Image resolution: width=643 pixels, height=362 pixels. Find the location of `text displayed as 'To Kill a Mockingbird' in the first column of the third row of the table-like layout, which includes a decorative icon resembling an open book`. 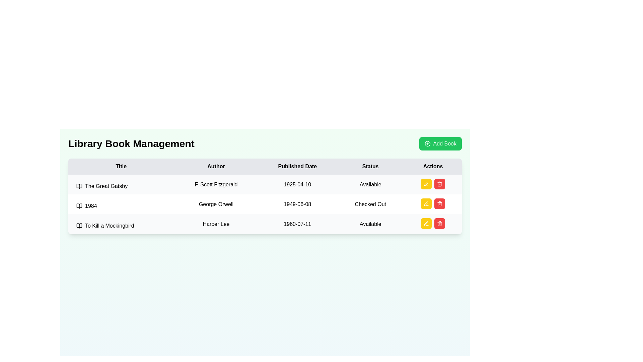

text displayed as 'To Kill a Mockingbird' in the first column of the third row of the table-like layout, which includes a decorative icon resembling an open book is located at coordinates (121, 226).